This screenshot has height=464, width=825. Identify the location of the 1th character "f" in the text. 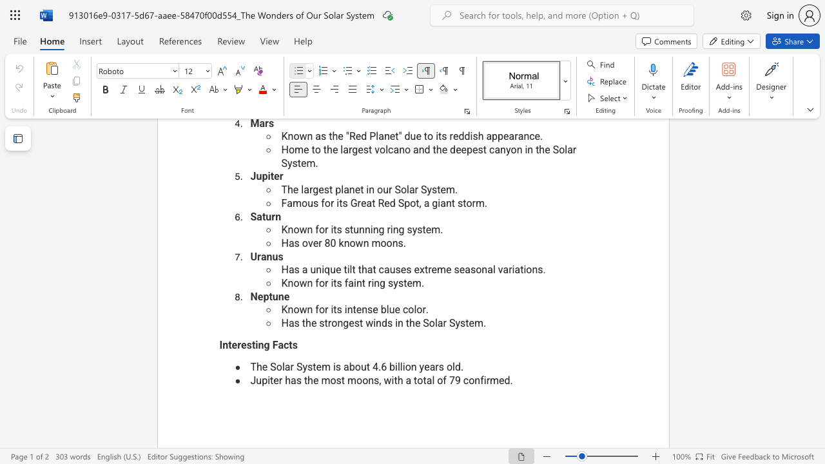
(317, 309).